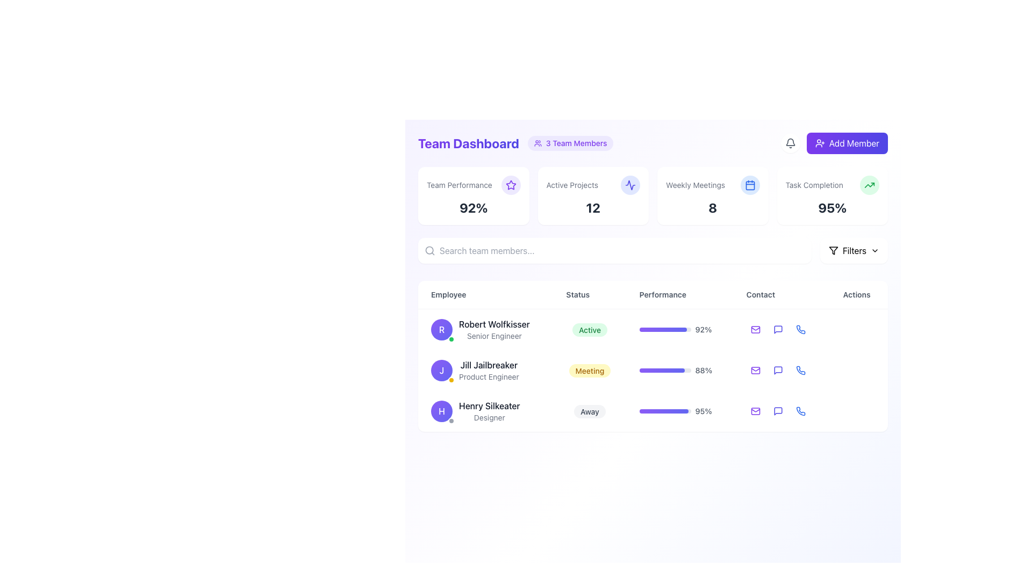 The image size is (1032, 580). Describe the element at coordinates (510, 184) in the screenshot. I see `the star-shaped icon representing performance metrics within the 'Team Performance' card on the 'Team Dashboard' interface` at that location.